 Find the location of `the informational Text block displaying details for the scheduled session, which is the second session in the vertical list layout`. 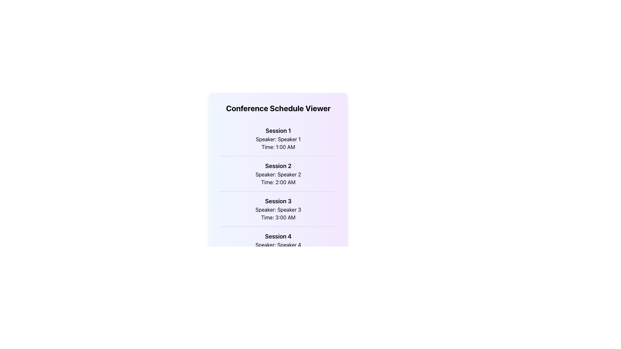

the informational Text block displaying details for the scheduled session, which is the second session in the vertical list layout is located at coordinates (278, 173).